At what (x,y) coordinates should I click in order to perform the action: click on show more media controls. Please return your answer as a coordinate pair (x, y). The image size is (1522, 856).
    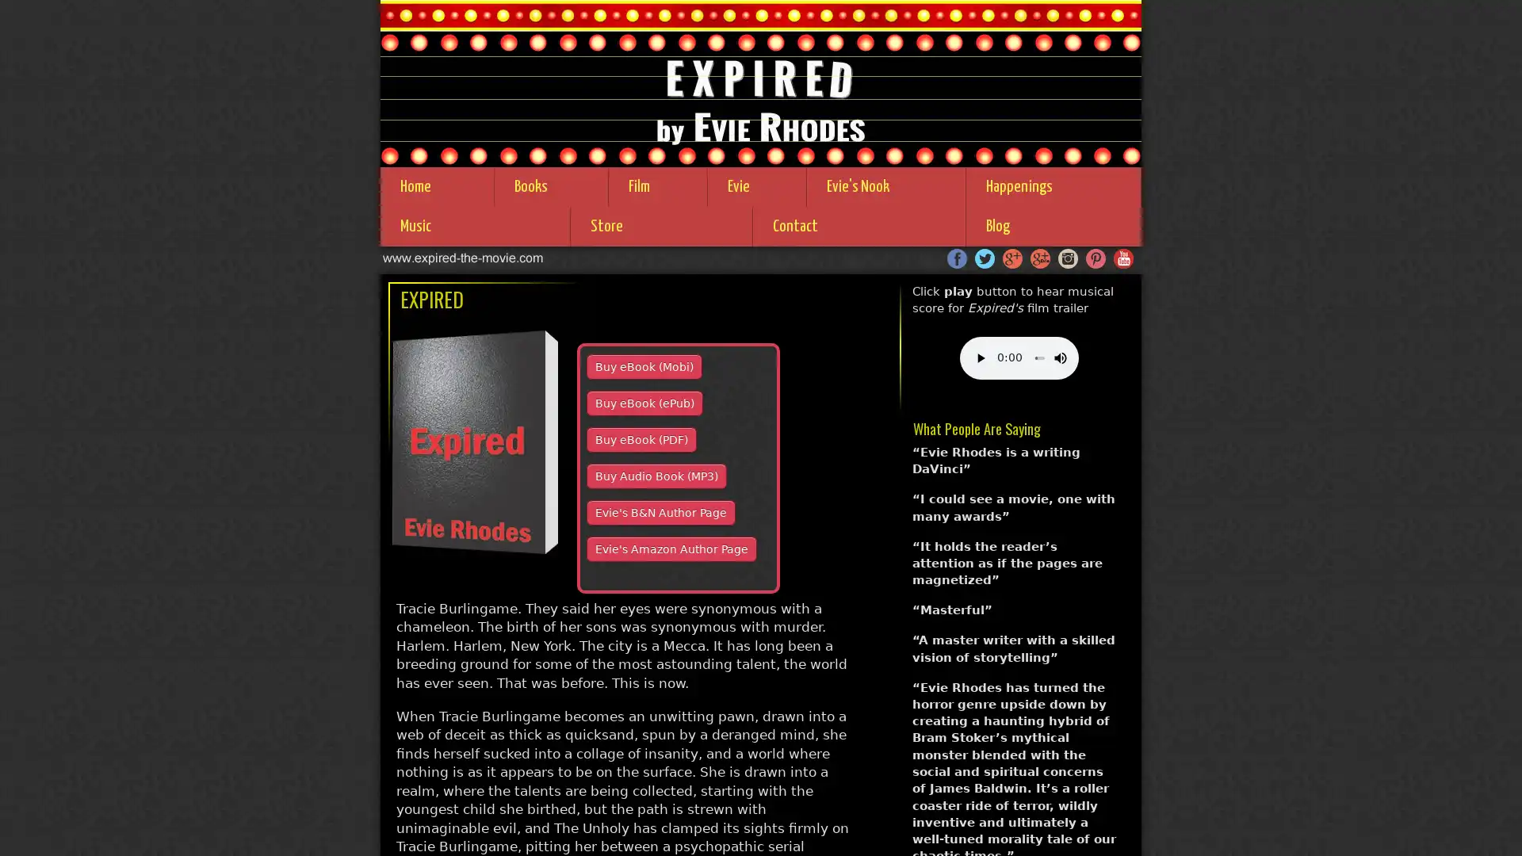
    Looking at the image, I should click on (1057, 357).